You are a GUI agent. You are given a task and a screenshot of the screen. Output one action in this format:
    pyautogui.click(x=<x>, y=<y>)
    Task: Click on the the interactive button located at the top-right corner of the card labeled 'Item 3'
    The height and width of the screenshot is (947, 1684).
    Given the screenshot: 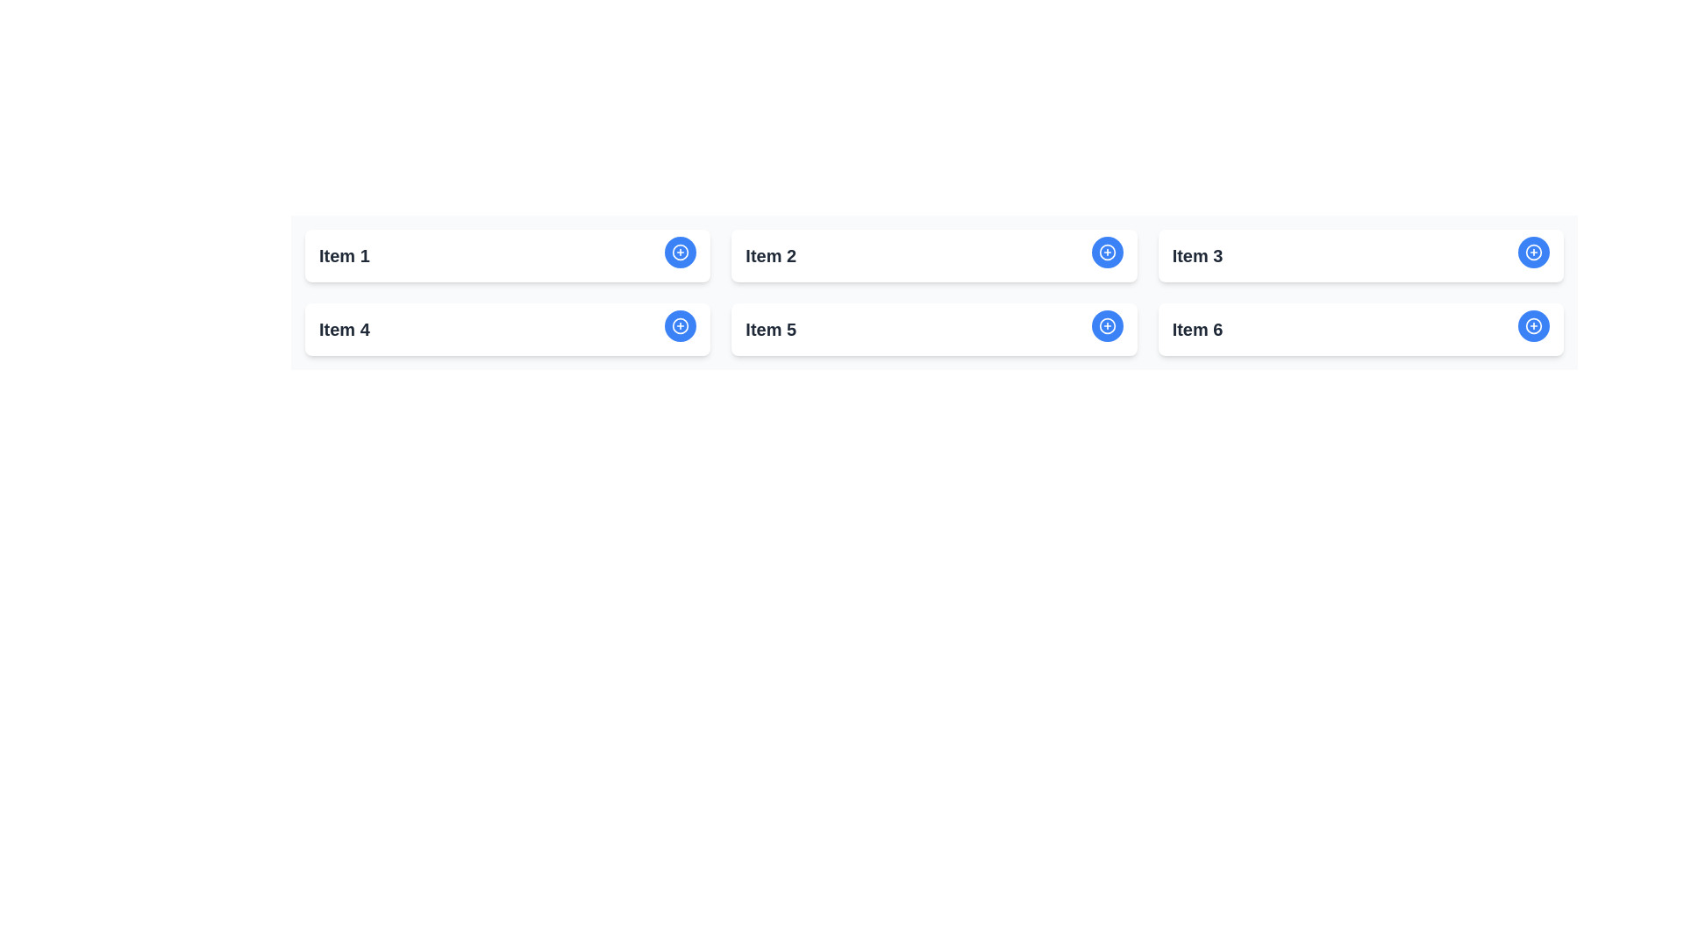 What is the action you would take?
    pyautogui.click(x=1532, y=253)
    